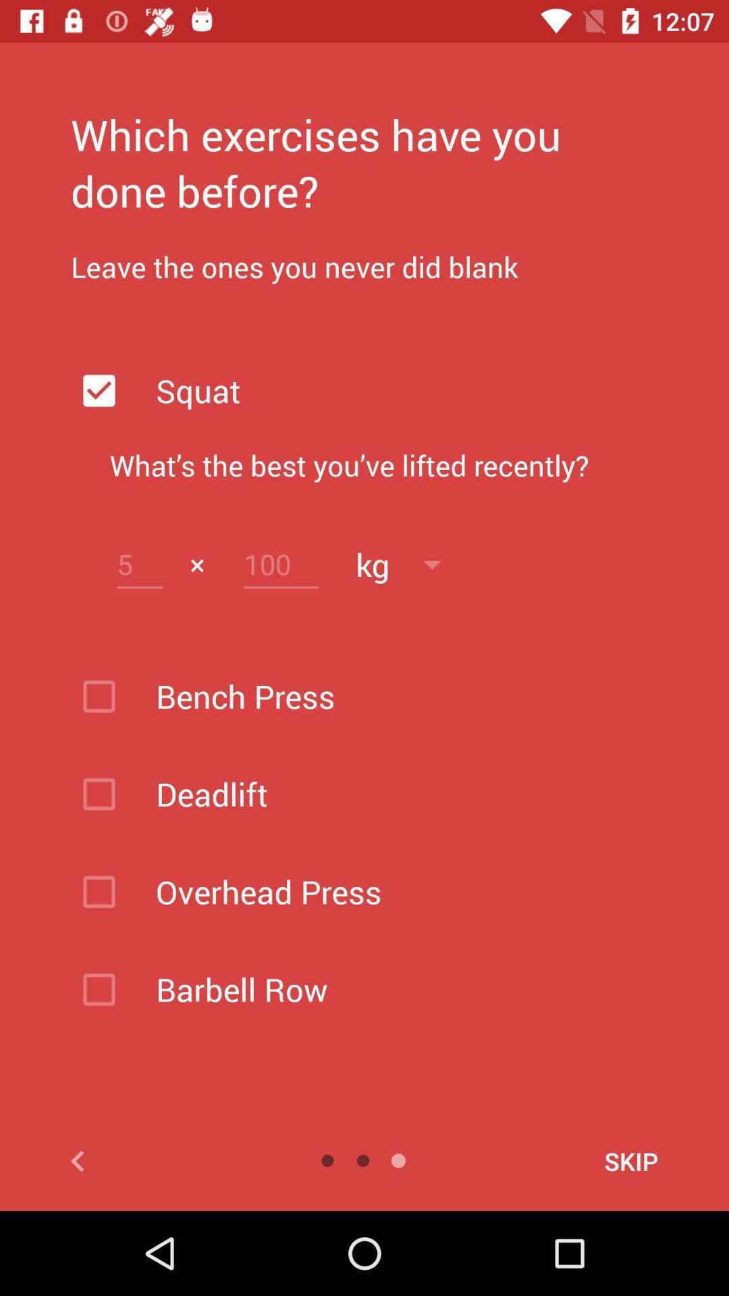  I want to click on the text below bench press, so click(399, 794).